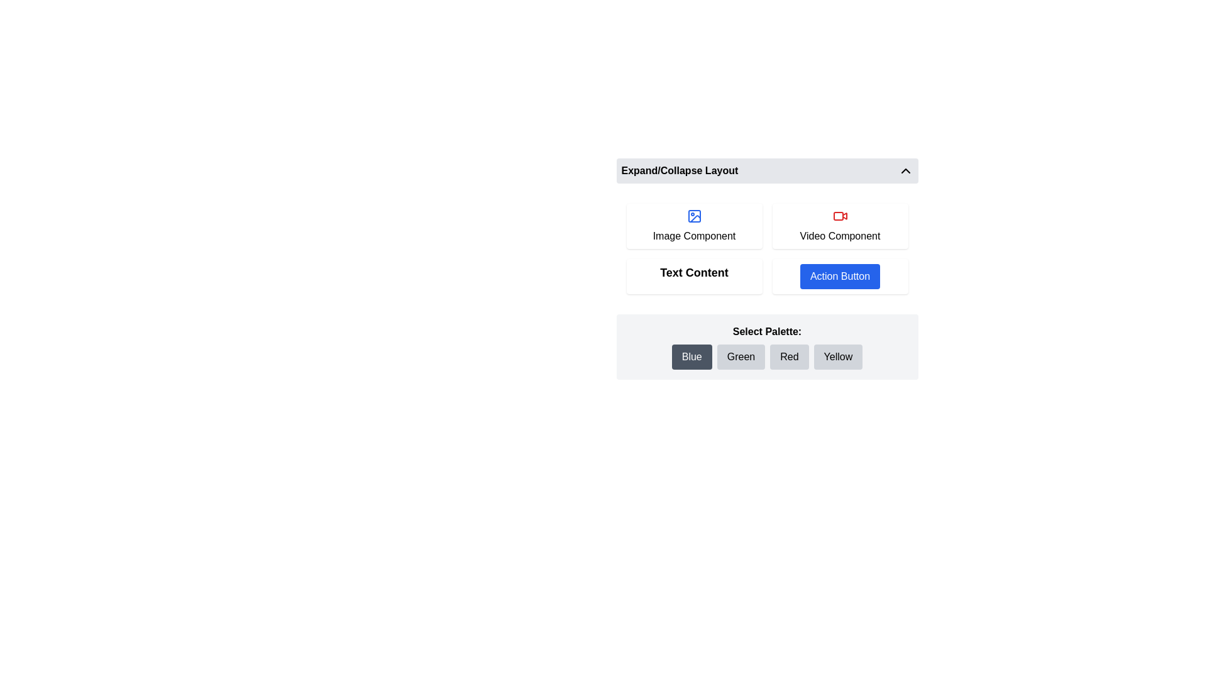 The height and width of the screenshot is (679, 1207). What do you see at coordinates (766, 356) in the screenshot?
I see `the 'Green' button in the color palette selector, which is a horizontal arrangement of four buttons styled with rounded corners, located below the text 'Select Palette:'` at bounding box center [766, 356].